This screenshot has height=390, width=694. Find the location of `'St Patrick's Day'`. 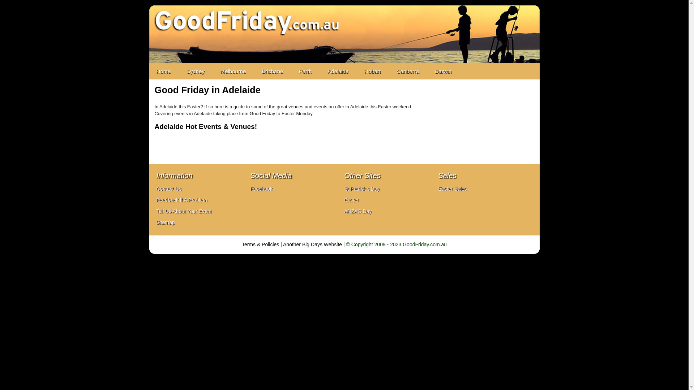

'St Patrick's Day' is located at coordinates (343, 188).